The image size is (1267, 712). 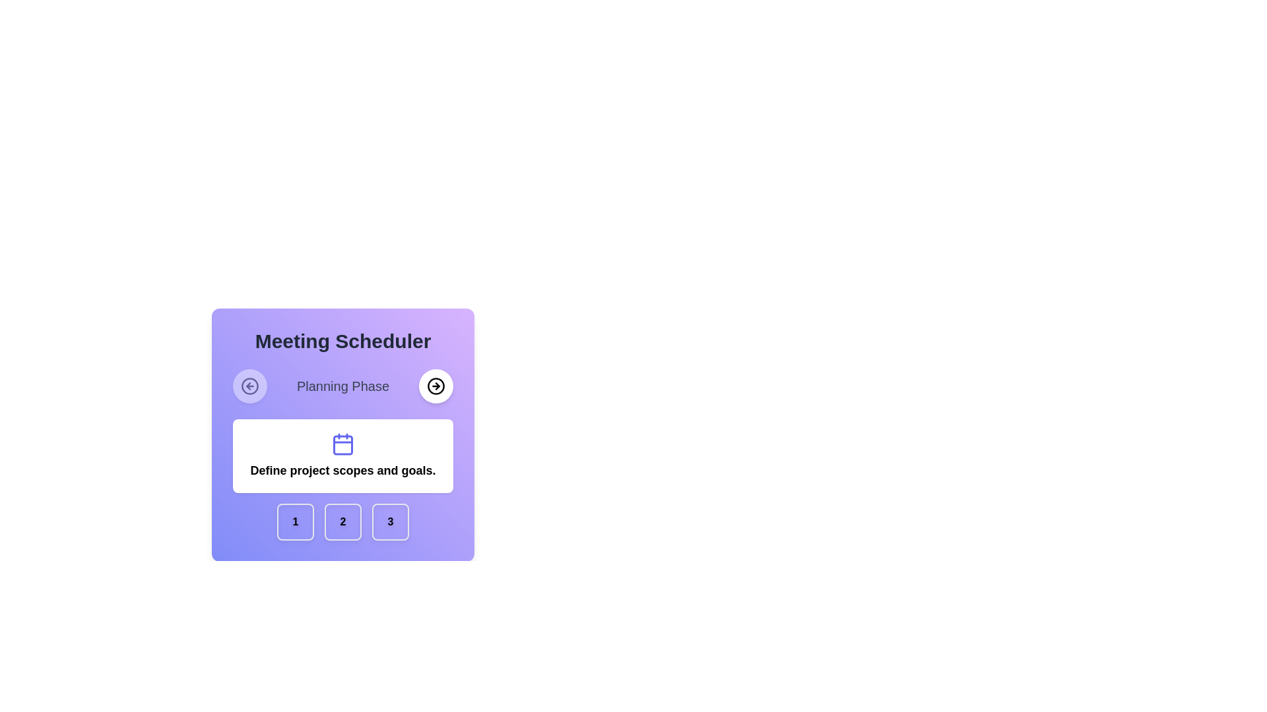 I want to click on the decorative calendar icon with a blue outline, located at the center above the text 'Define project scopes and goals.', so click(x=342, y=444).